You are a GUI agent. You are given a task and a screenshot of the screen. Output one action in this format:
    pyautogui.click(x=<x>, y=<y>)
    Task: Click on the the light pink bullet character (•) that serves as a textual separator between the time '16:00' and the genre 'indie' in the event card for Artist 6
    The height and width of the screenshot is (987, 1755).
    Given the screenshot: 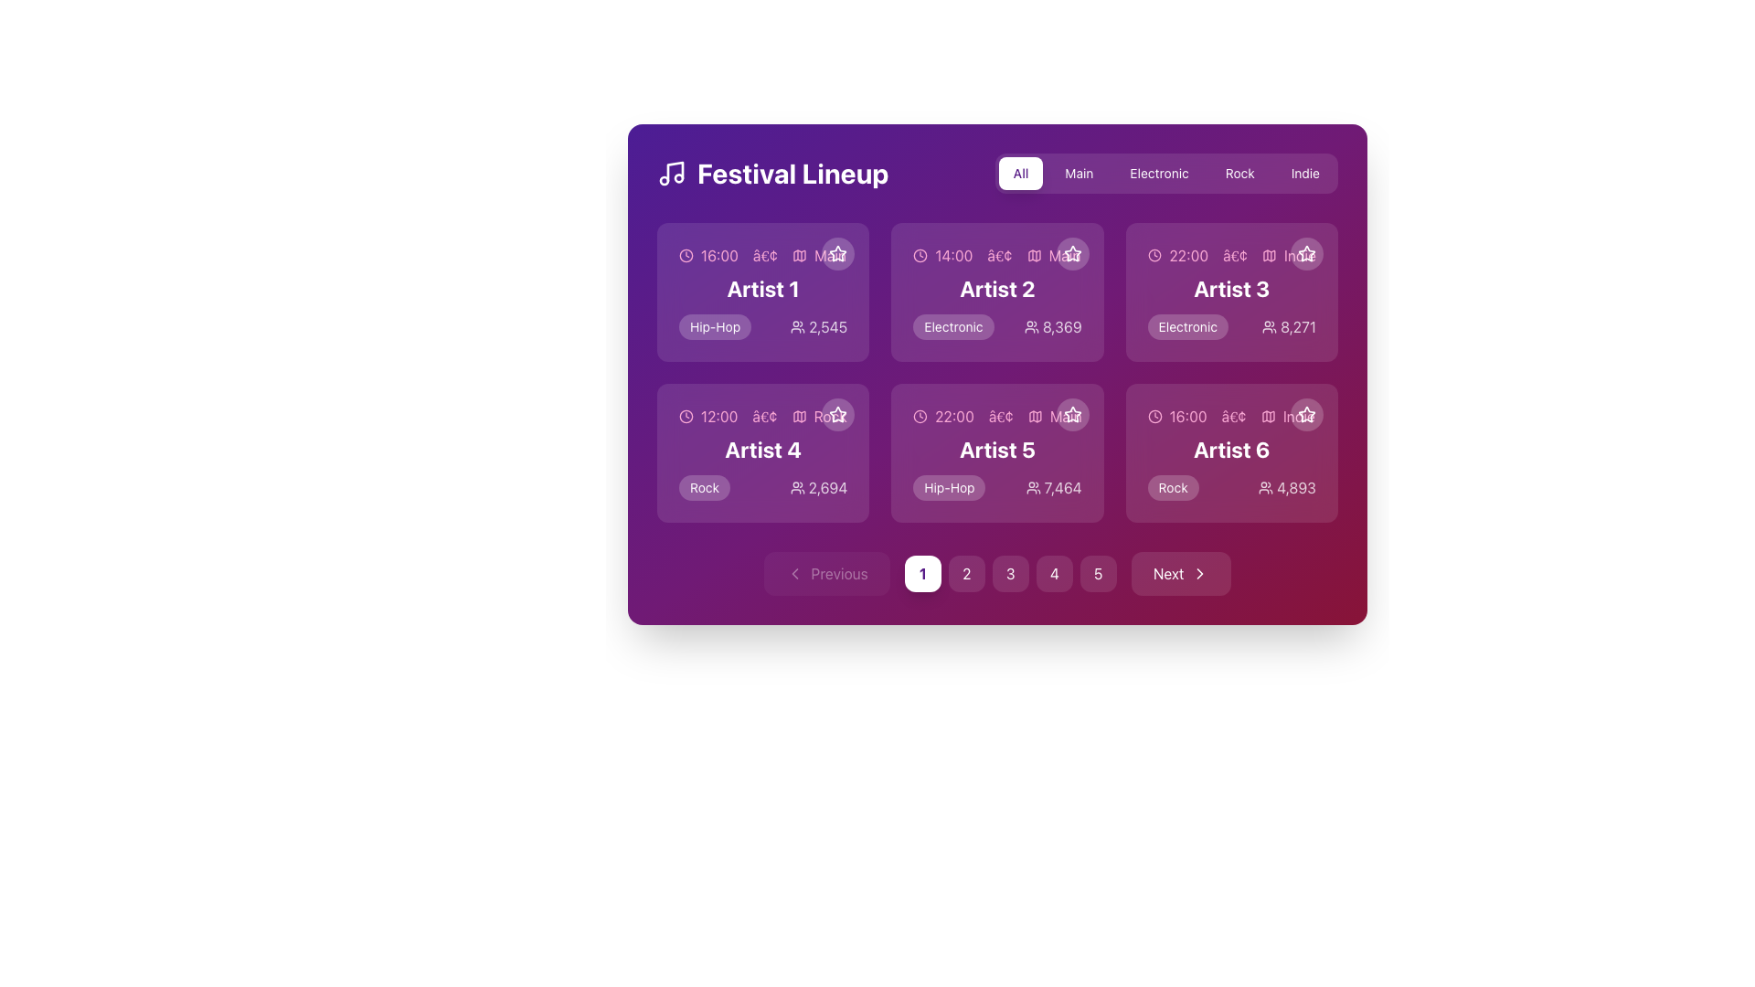 What is the action you would take?
    pyautogui.click(x=1234, y=416)
    